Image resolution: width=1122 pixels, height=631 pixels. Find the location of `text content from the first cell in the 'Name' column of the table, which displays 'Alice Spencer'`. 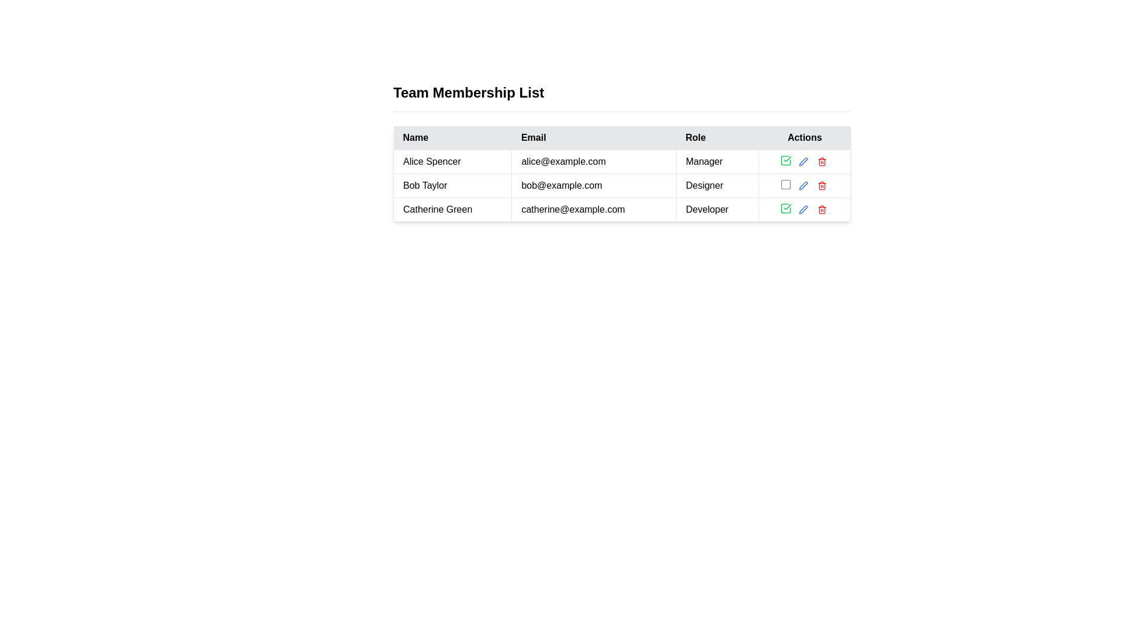

text content from the first cell in the 'Name' column of the table, which displays 'Alice Spencer' is located at coordinates (452, 162).